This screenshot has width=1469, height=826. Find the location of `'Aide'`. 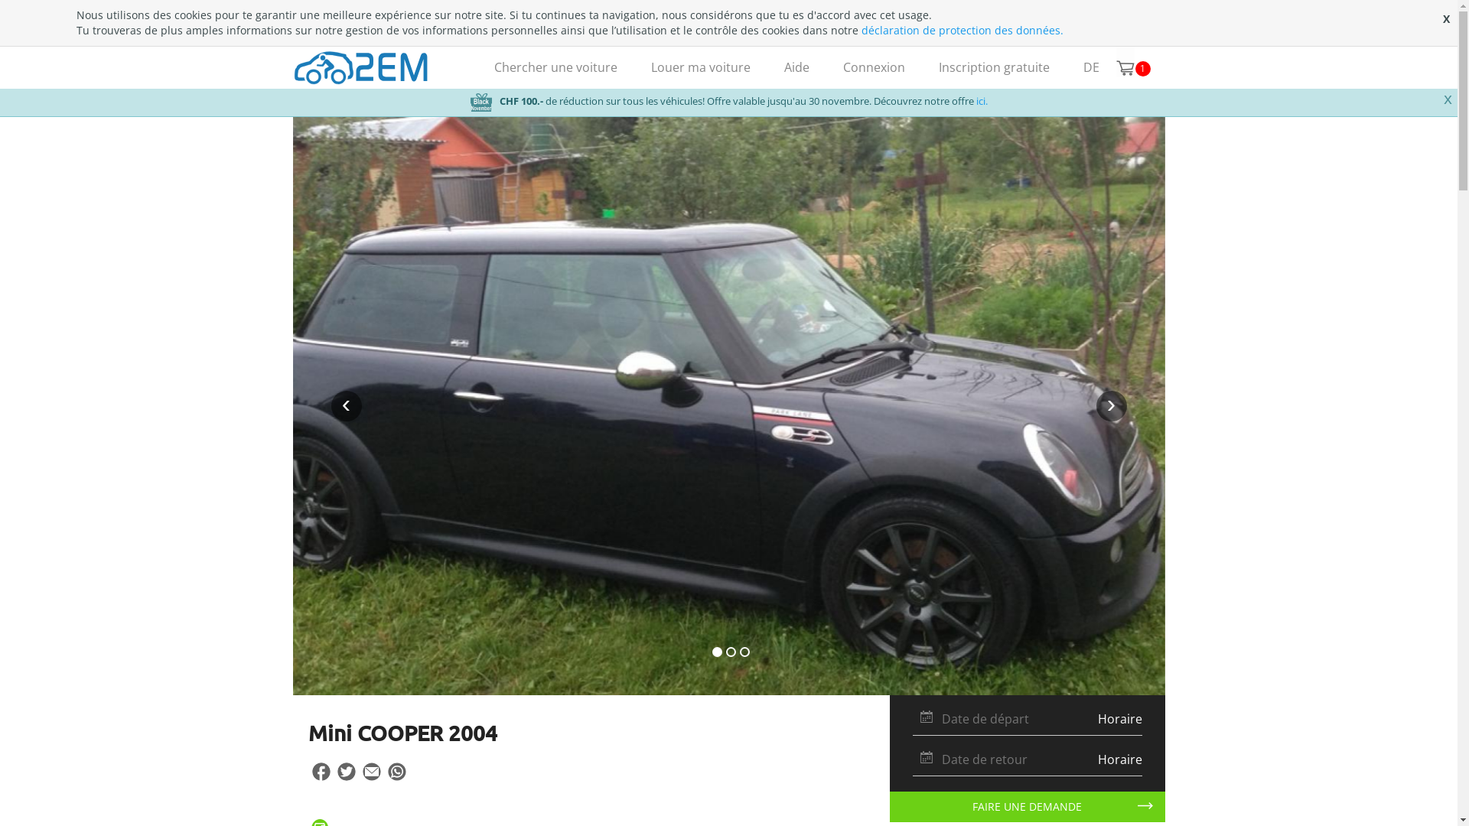

'Aide' is located at coordinates (767, 67).